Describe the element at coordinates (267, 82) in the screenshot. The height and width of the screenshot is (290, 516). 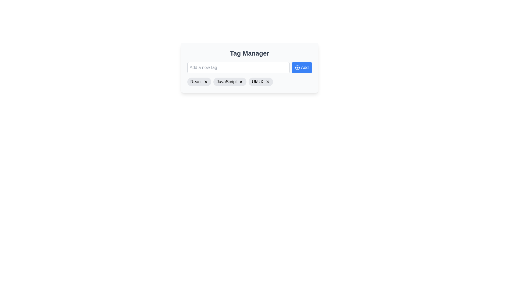
I see `the close button icon resembling a small 'X' within the pill-shaped tag labeled 'UI/UX'` at that location.